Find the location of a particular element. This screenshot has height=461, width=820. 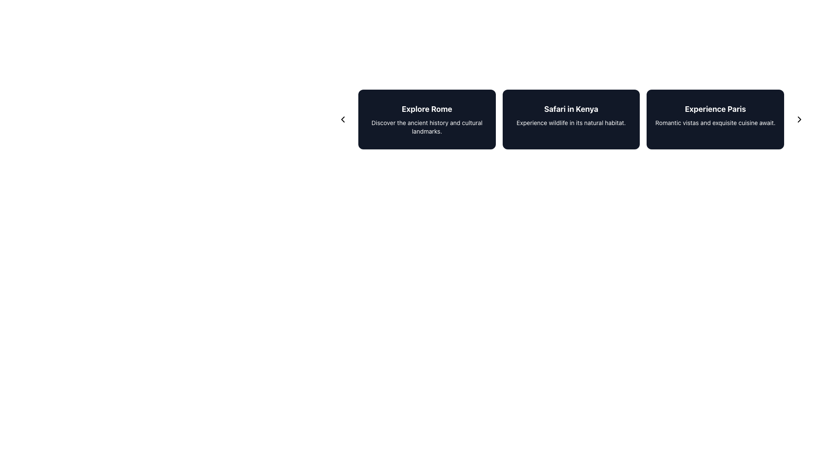

the Informational card titled 'Explore Rome', which features a dark background and white text, located in the upper-middle section of the interface is located at coordinates (427, 120).